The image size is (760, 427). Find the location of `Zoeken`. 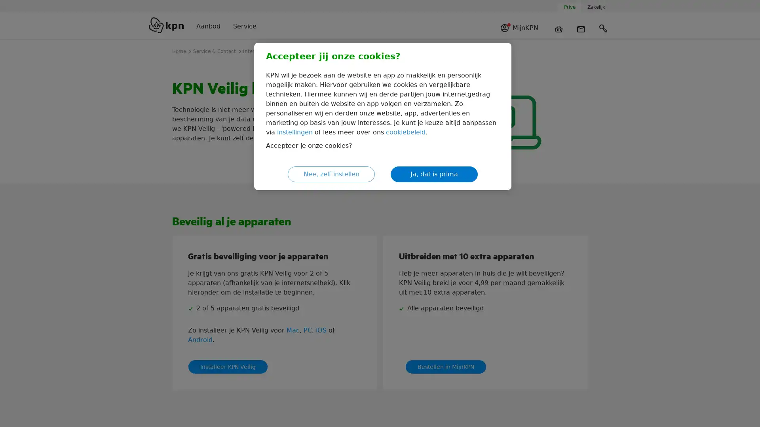

Zoeken is located at coordinates (602, 27).